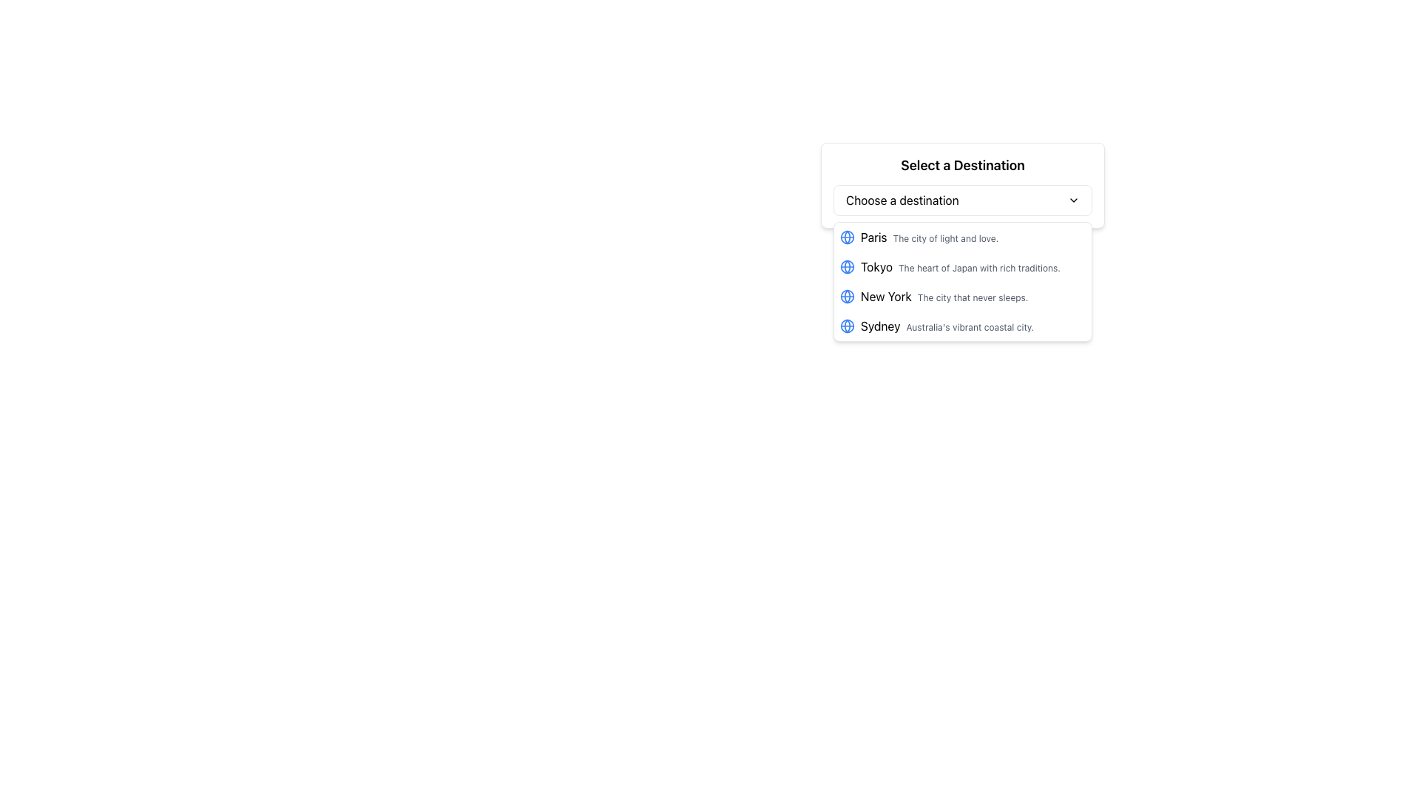  What do you see at coordinates (962, 200) in the screenshot?
I see `the dropdown menu labeled 'Choose a destination'` at bounding box center [962, 200].